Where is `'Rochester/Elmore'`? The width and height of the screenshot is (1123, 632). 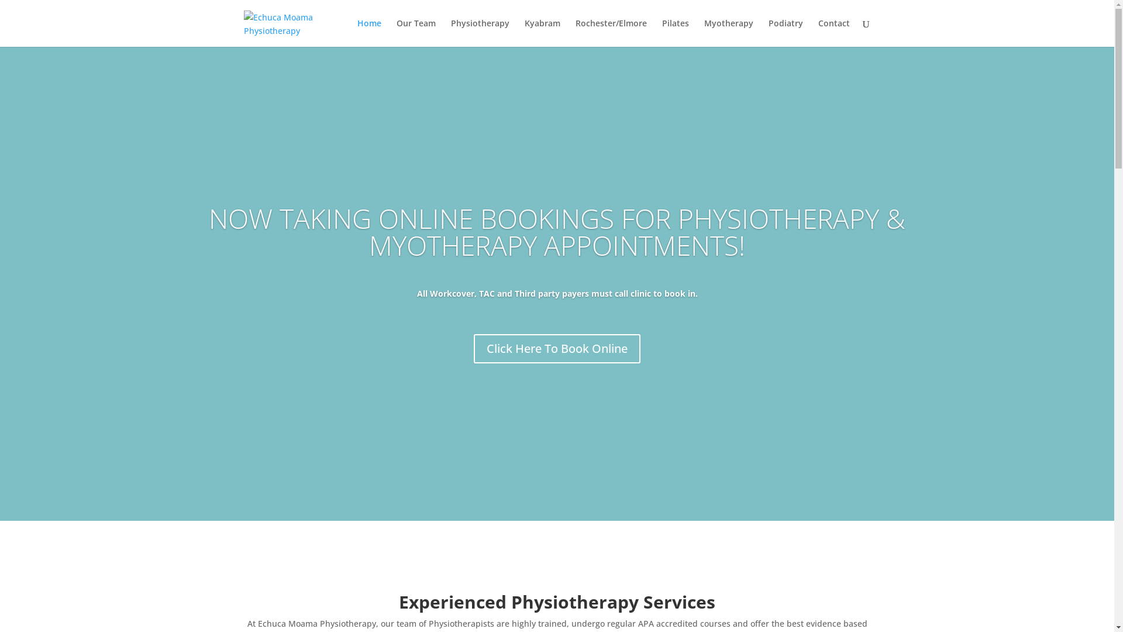
'Rochester/Elmore' is located at coordinates (575, 32).